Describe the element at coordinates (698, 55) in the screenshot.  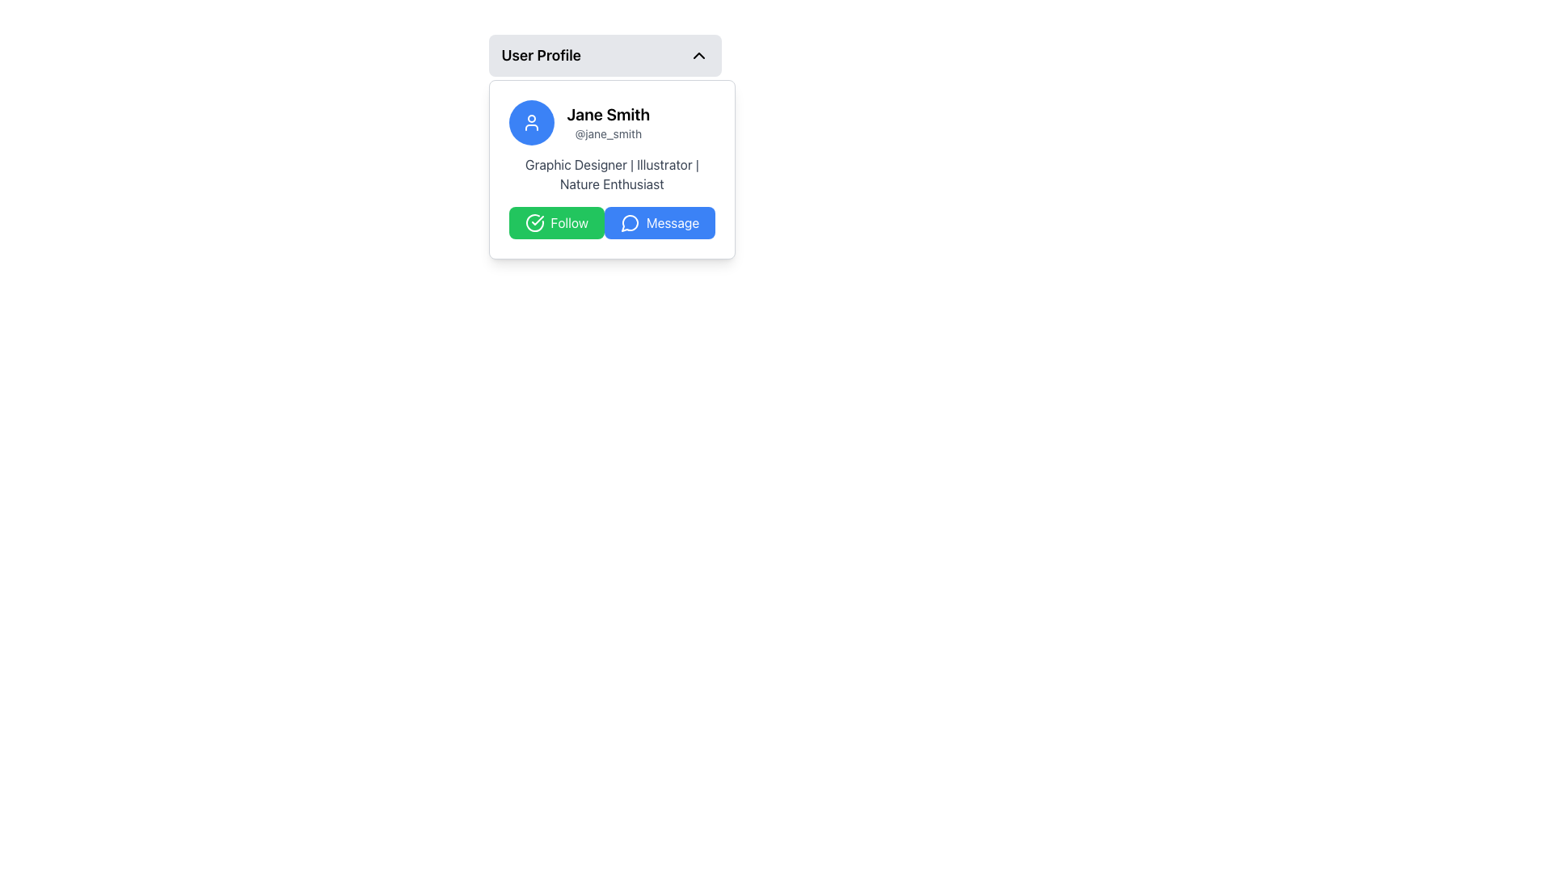
I see `the upward-pointing chevron icon with a black outline in the top-right corner of the 'User Profile' section` at that location.